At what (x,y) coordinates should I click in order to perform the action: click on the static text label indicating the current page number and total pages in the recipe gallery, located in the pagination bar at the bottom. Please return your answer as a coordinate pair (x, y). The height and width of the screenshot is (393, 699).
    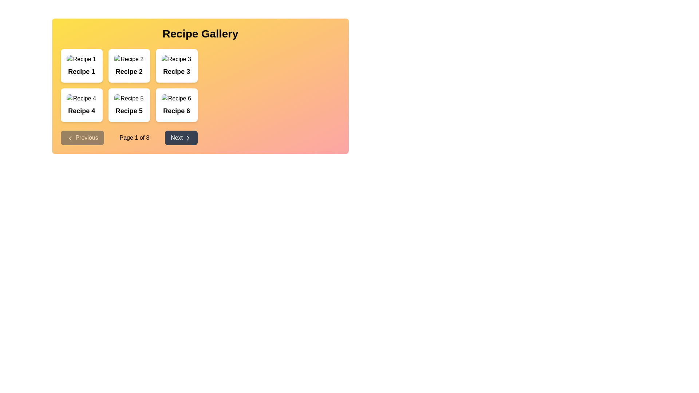
    Looking at the image, I should click on (134, 138).